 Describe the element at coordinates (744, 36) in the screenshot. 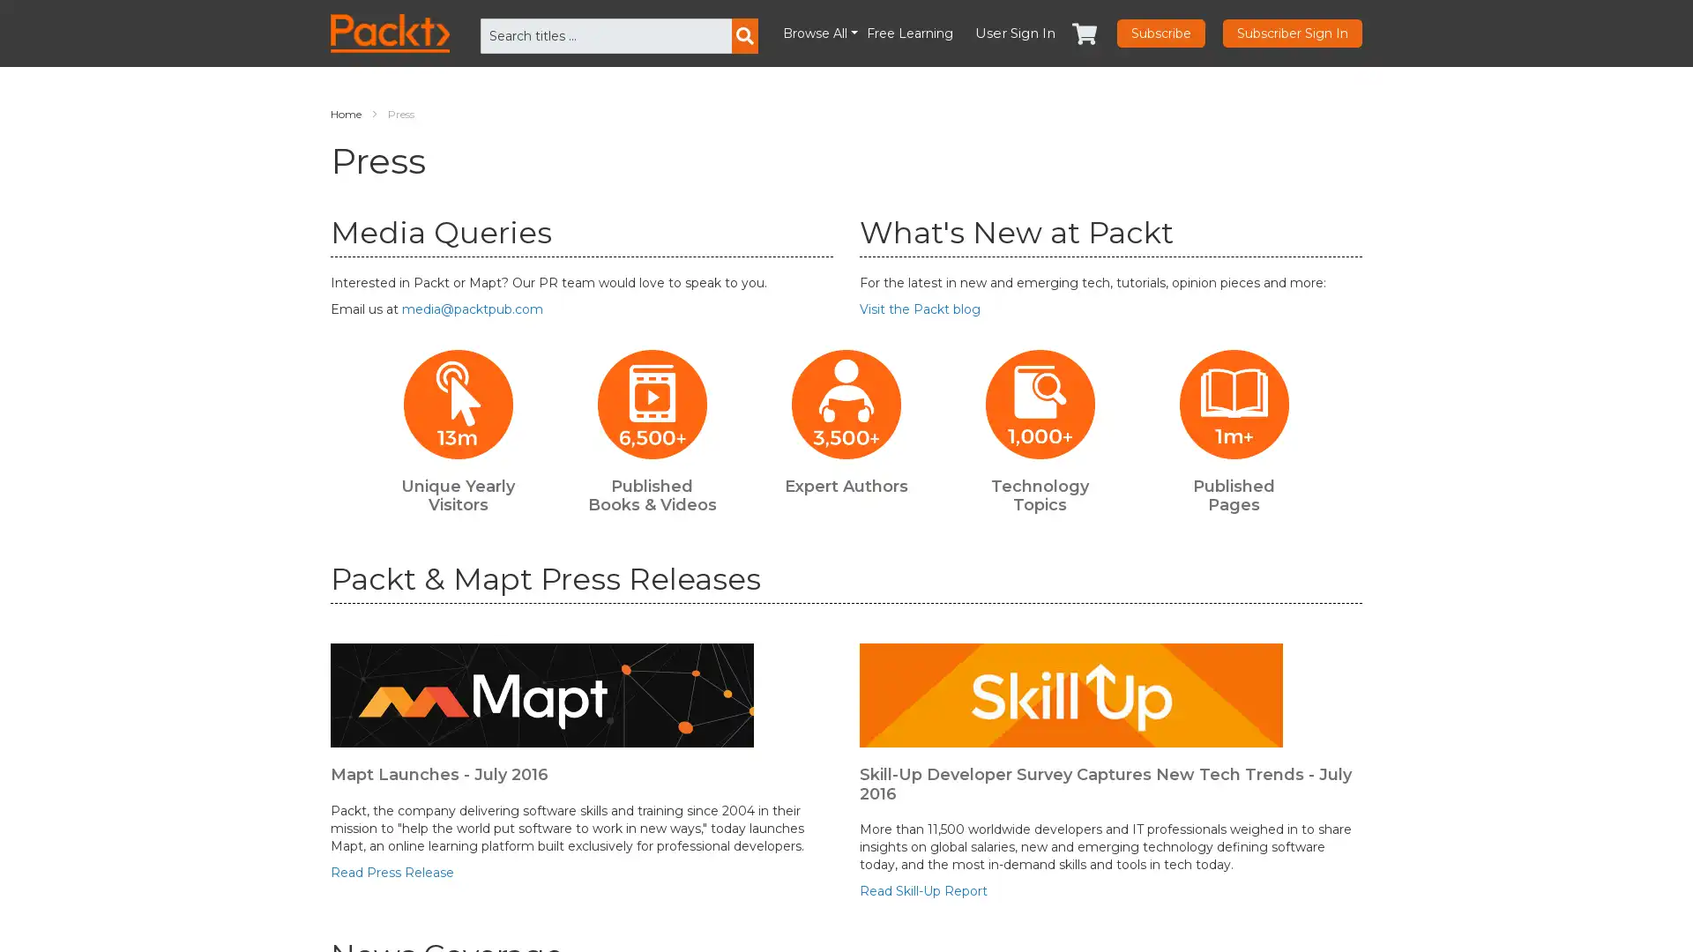

I see `Search` at that location.